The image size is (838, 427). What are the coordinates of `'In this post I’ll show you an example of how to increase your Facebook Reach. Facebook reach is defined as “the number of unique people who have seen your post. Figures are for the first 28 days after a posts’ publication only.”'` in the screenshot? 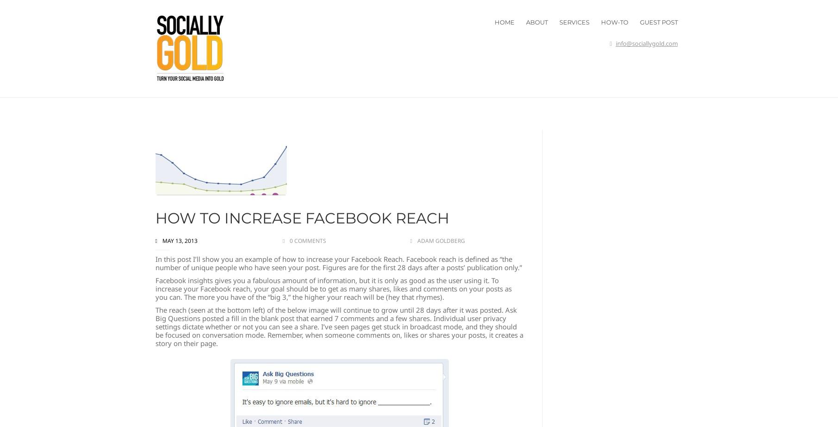 It's located at (337, 263).